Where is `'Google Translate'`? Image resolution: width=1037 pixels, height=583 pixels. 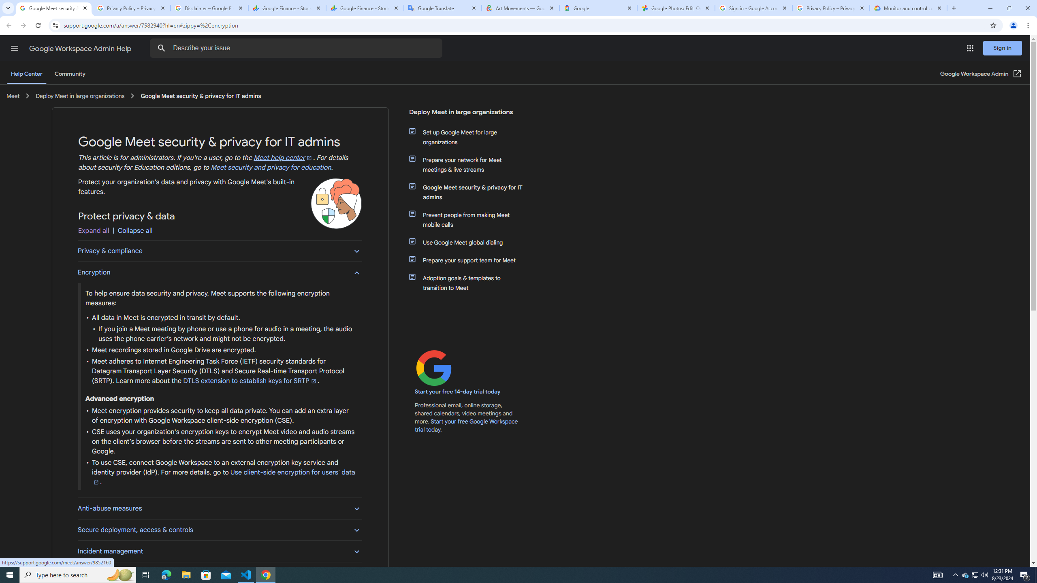
'Google Translate' is located at coordinates (442, 8).